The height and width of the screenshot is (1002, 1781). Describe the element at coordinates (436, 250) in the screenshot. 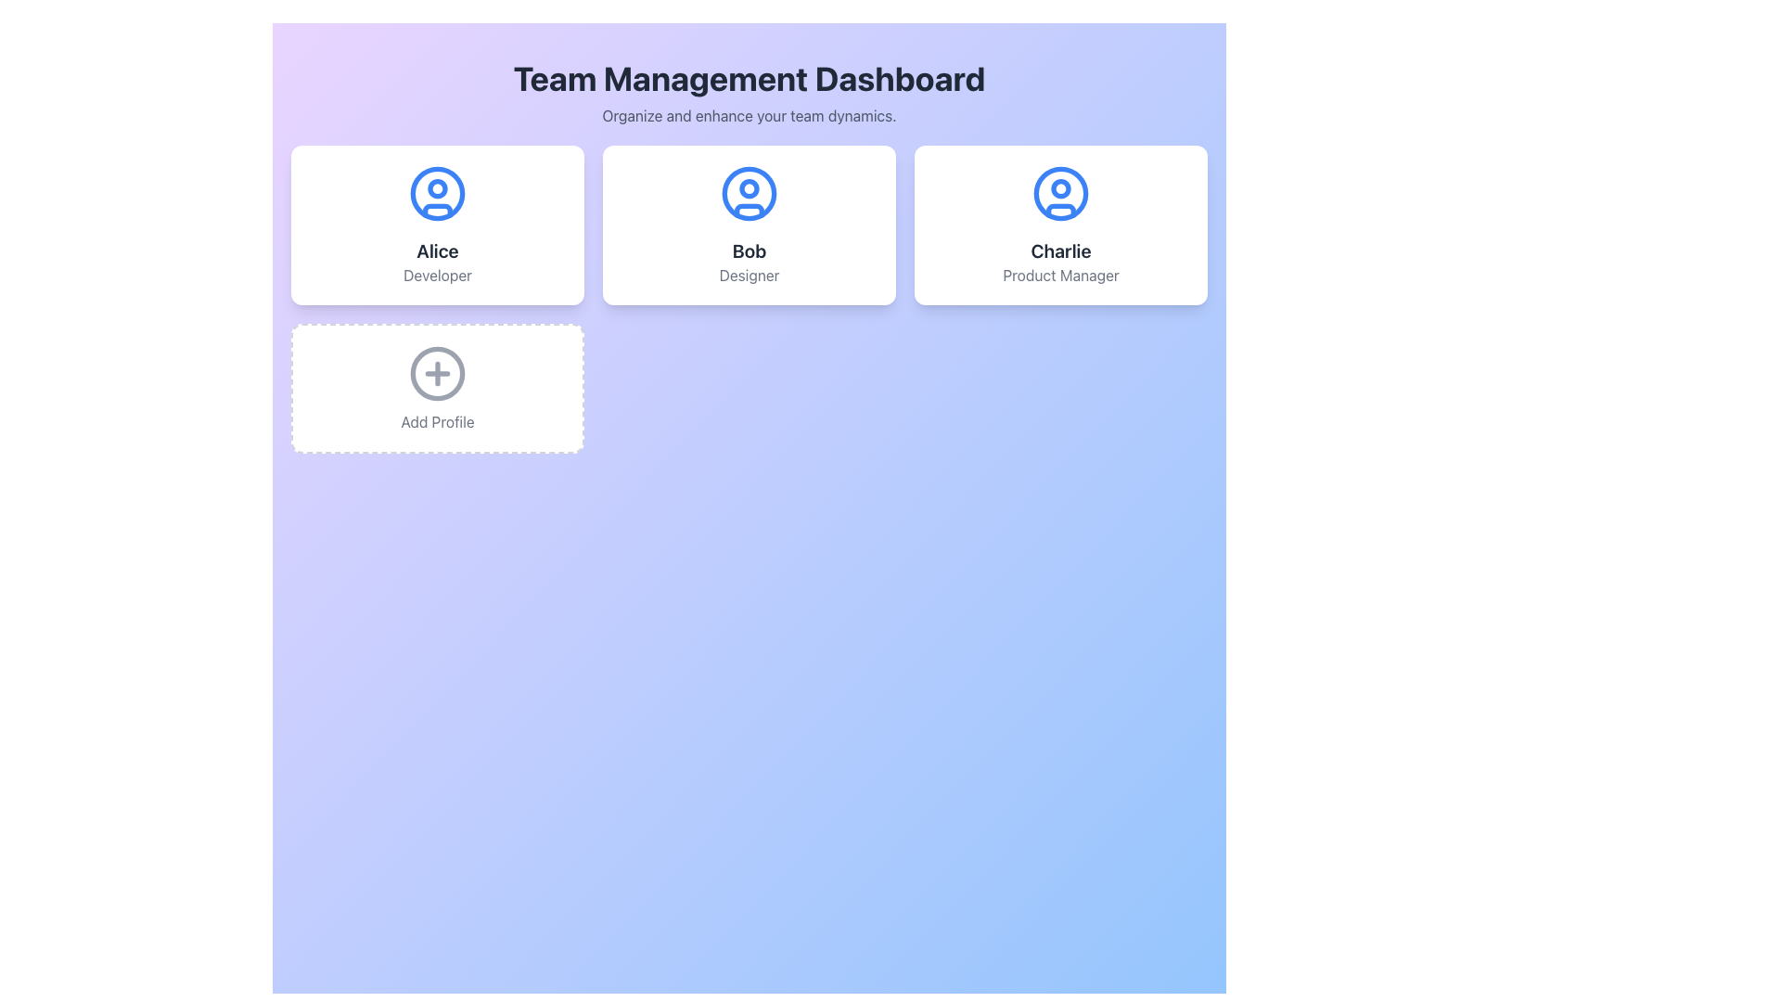

I see `the text label displaying 'Alice', which is styled in bold dark gray font and located within a profile card, positioned between a user icon and the text 'Developer'` at that location.